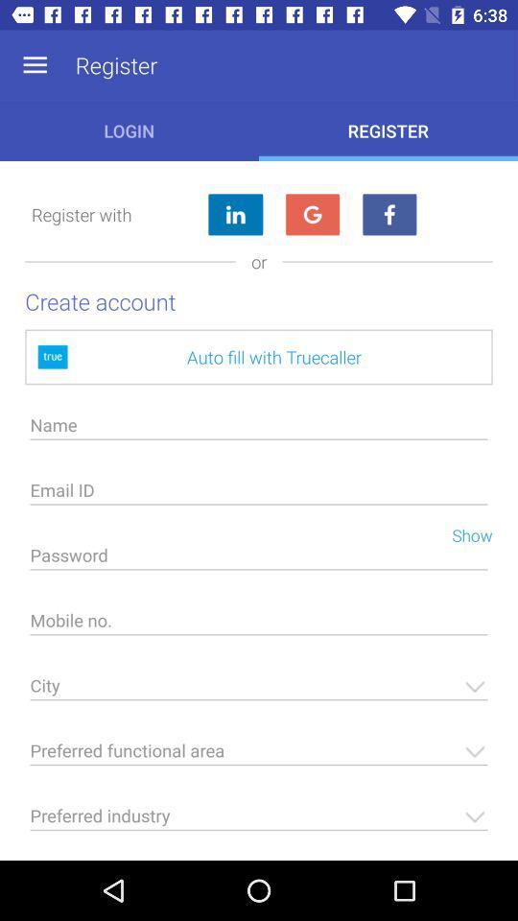 Image resolution: width=518 pixels, height=921 pixels. I want to click on log in with linkedin, so click(235, 215).